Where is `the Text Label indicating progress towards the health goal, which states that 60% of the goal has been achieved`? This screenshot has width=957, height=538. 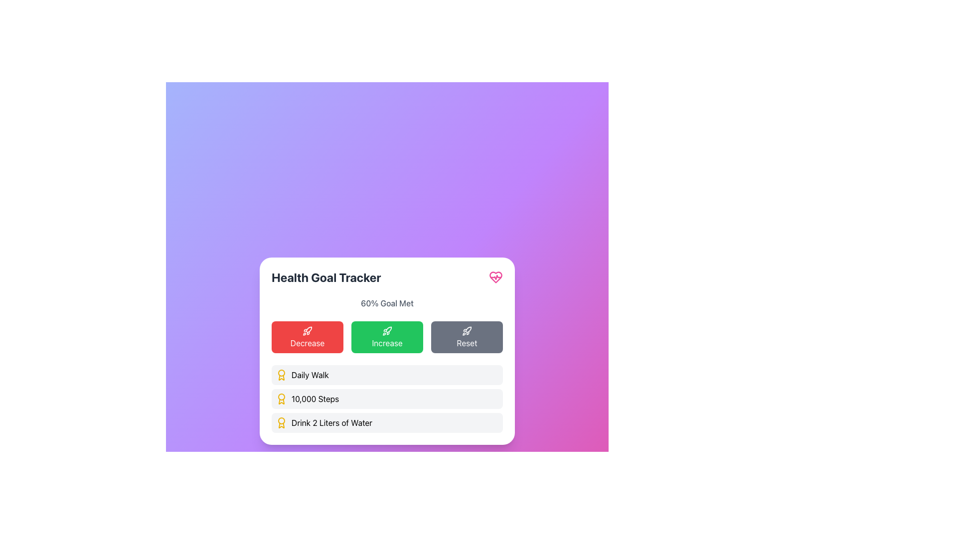
the Text Label indicating progress towards the health goal, which states that 60% of the goal has been achieved is located at coordinates (387, 303).